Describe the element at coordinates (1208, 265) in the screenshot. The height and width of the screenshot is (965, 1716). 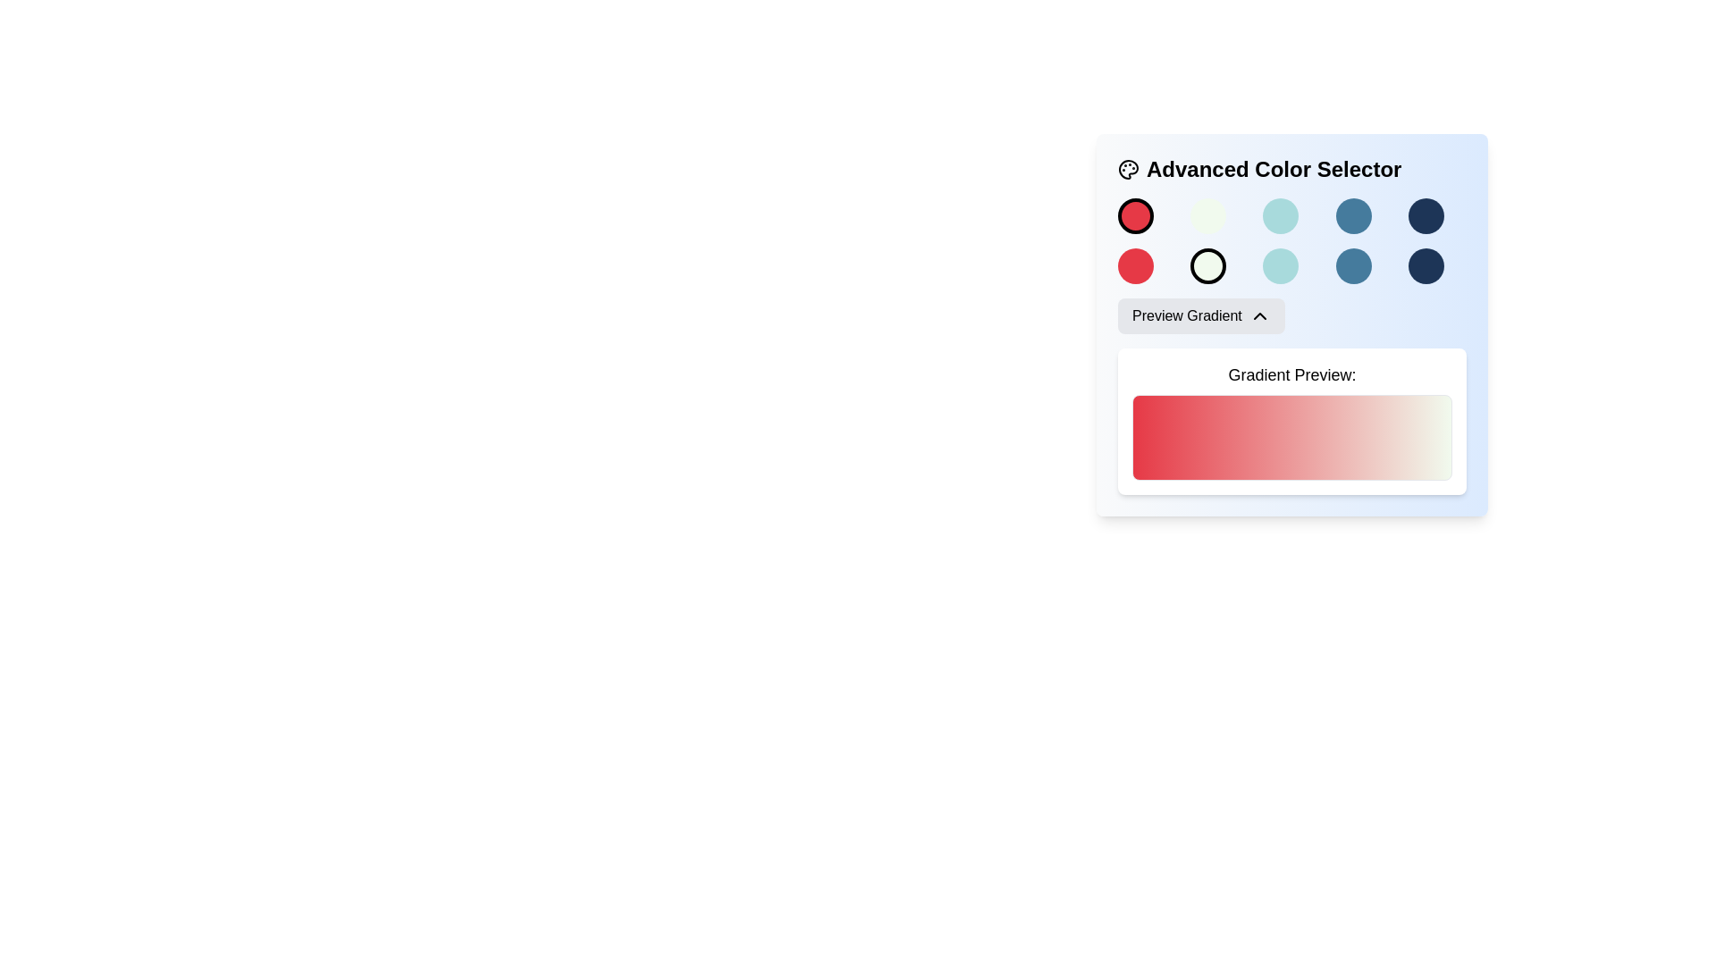
I see `the circular color selection button with a light green background located in the 'Advanced Color Selector' section` at that location.